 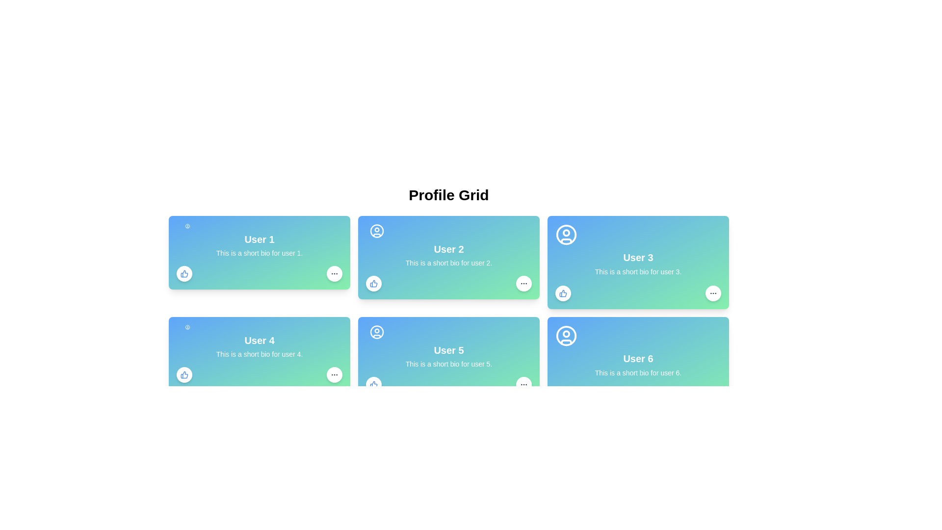 I want to click on the thumbs-up icon button located at the lower-left corner of the card labeled 'User 5' to express approval, so click(x=373, y=384).